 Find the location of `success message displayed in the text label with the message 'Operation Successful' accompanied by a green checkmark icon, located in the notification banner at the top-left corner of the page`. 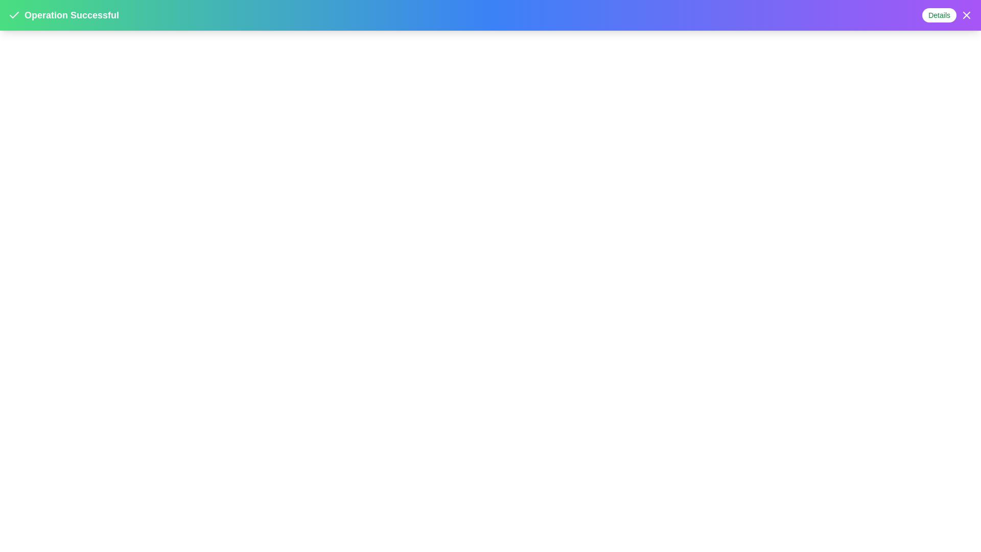

success message displayed in the text label with the message 'Operation Successful' accompanied by a green checkmark icon, located in the notification banner at the top-left corner of the page is located at coordinates (63, 15).